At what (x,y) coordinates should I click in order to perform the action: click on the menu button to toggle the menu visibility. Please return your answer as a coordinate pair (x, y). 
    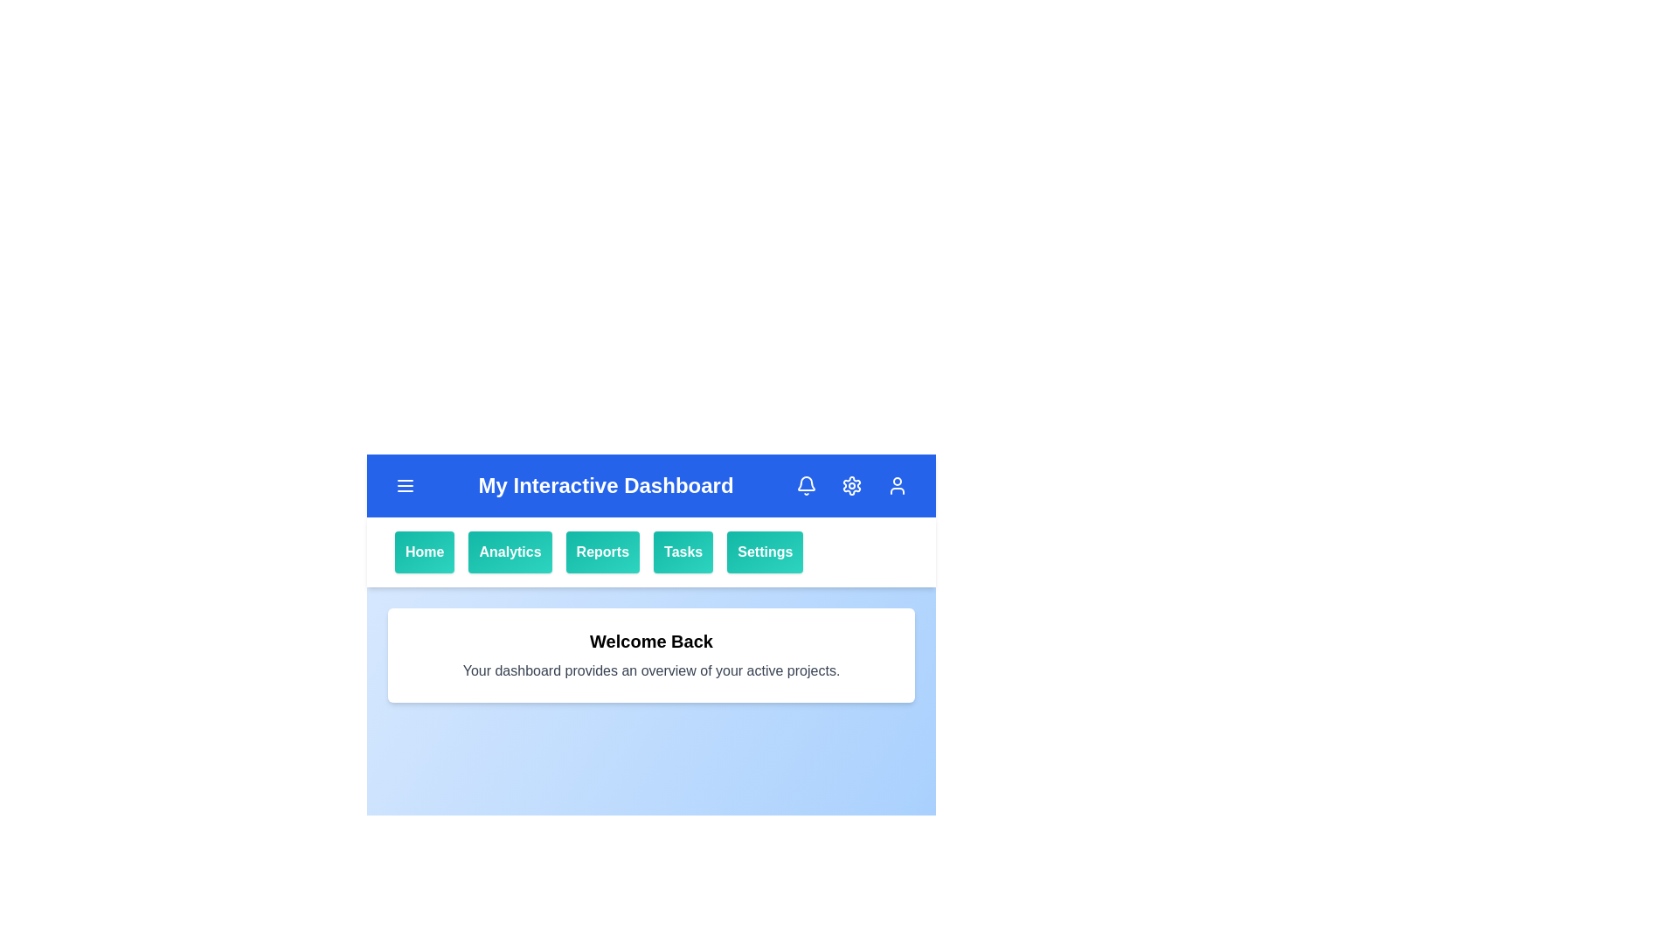
    Looking at the image, I should click on (405, 485).